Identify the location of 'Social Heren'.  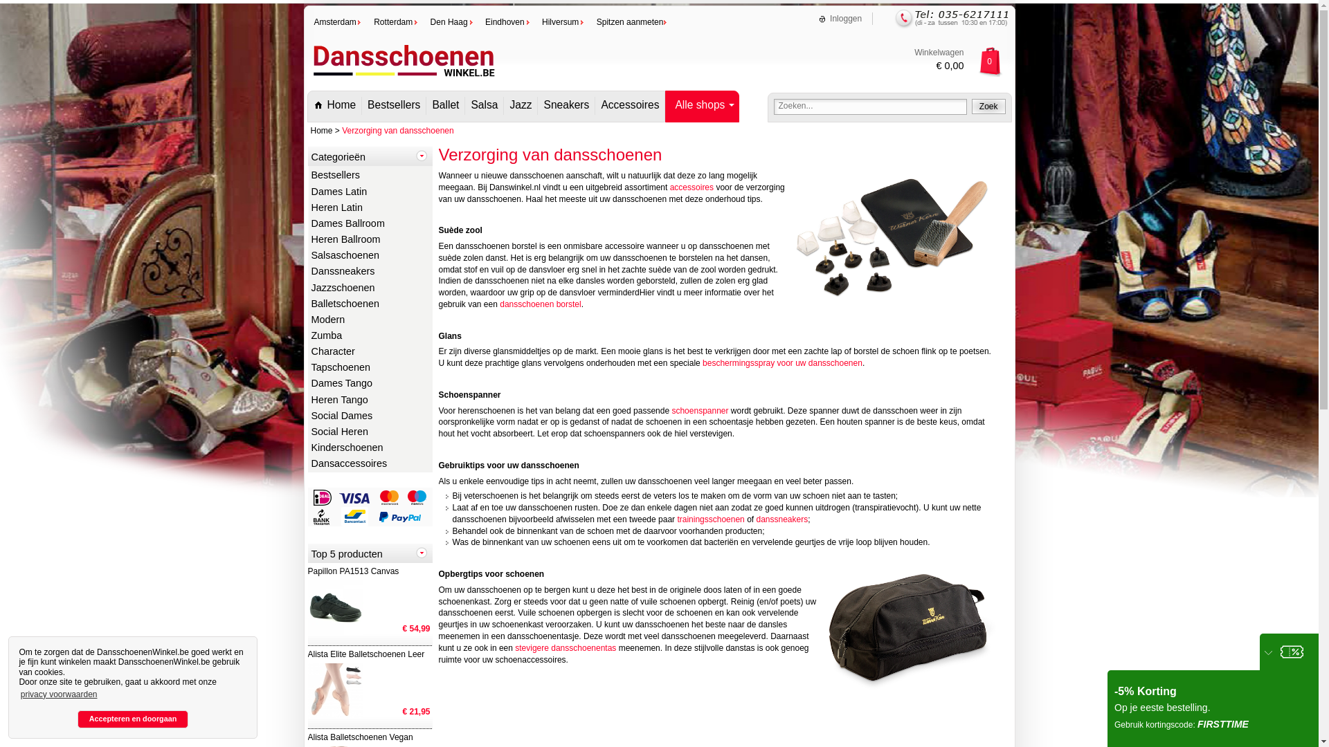
(369, 432).